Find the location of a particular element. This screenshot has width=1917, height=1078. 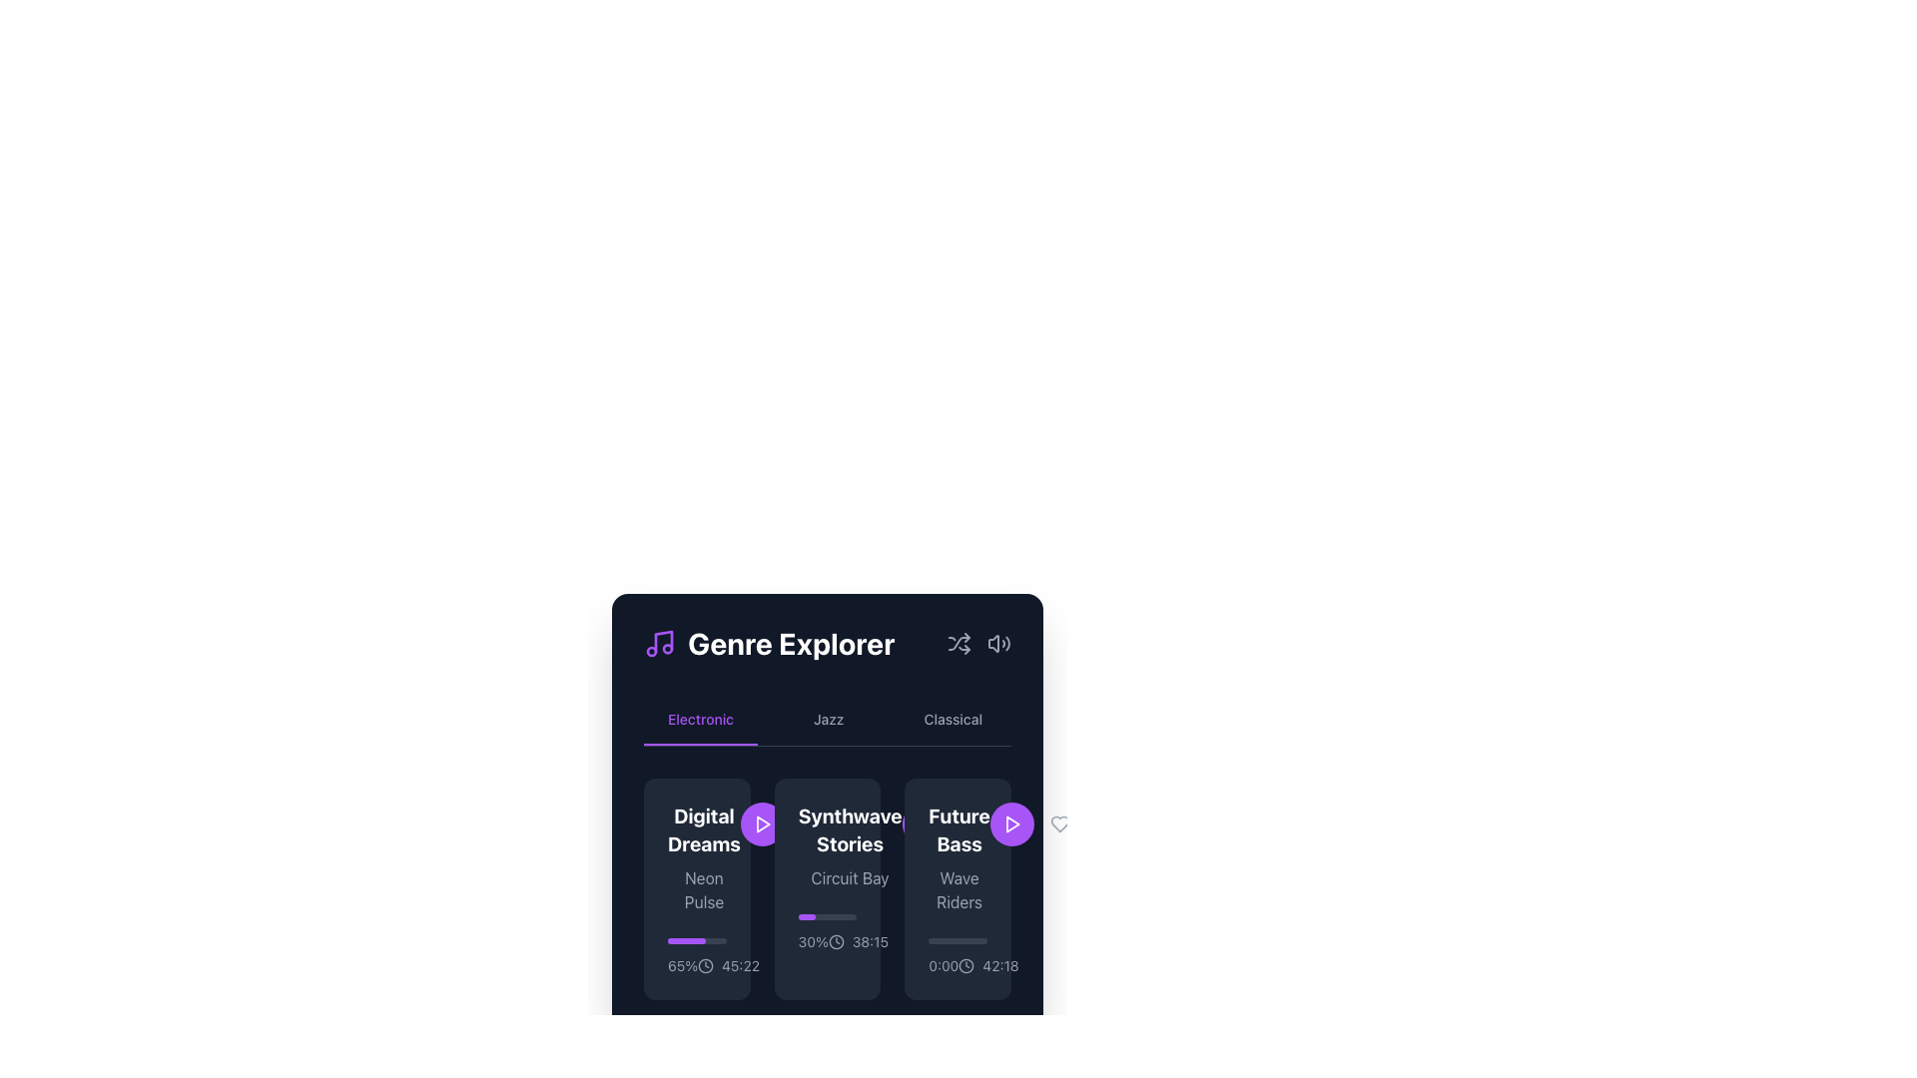

the circular clock icon with a minimalistic design located in the second item of the horizontal list of cards under the 'Electronic' tab in the 'Genre Explorer' section, positioned to the left of the time '38:15' is located at coordinates (836, 942).